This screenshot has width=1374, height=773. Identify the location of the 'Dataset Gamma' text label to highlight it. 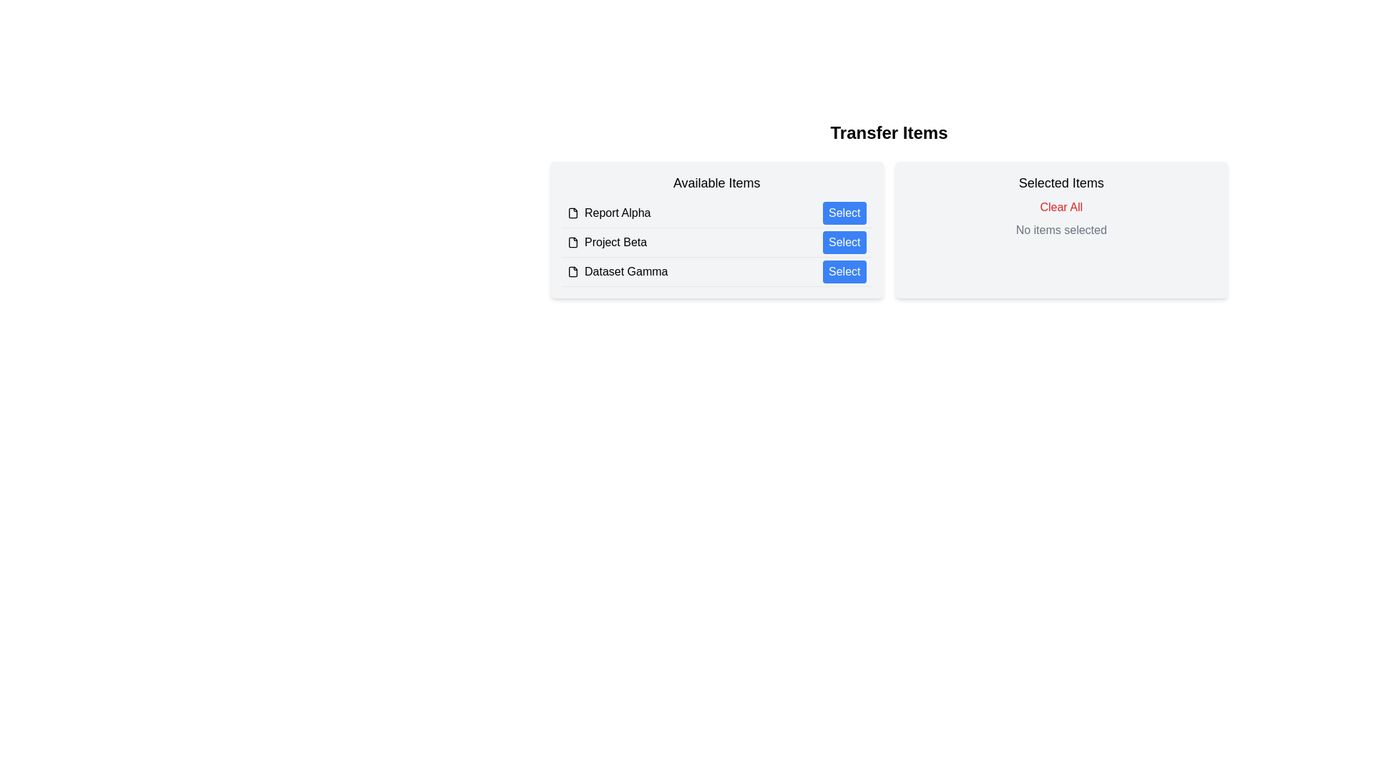
(618, 272).